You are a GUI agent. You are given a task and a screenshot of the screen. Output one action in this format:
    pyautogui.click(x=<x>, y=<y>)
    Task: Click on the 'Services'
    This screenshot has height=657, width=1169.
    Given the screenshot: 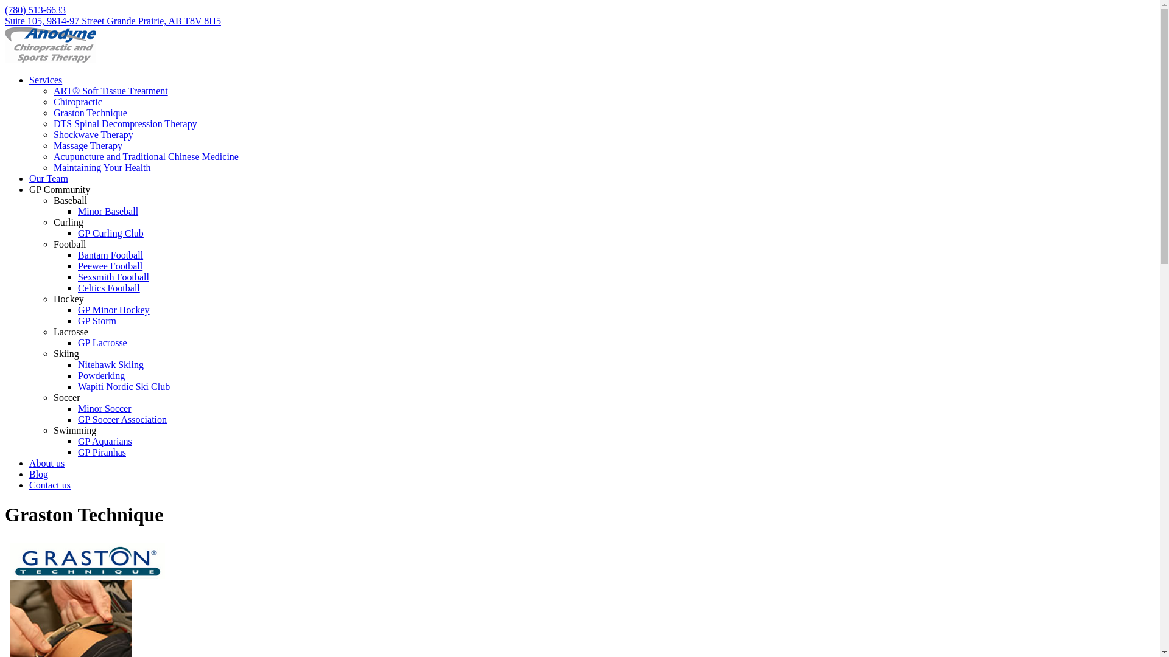 What is the action you would take?
    pyautogui.click(x=46, y=80)
    